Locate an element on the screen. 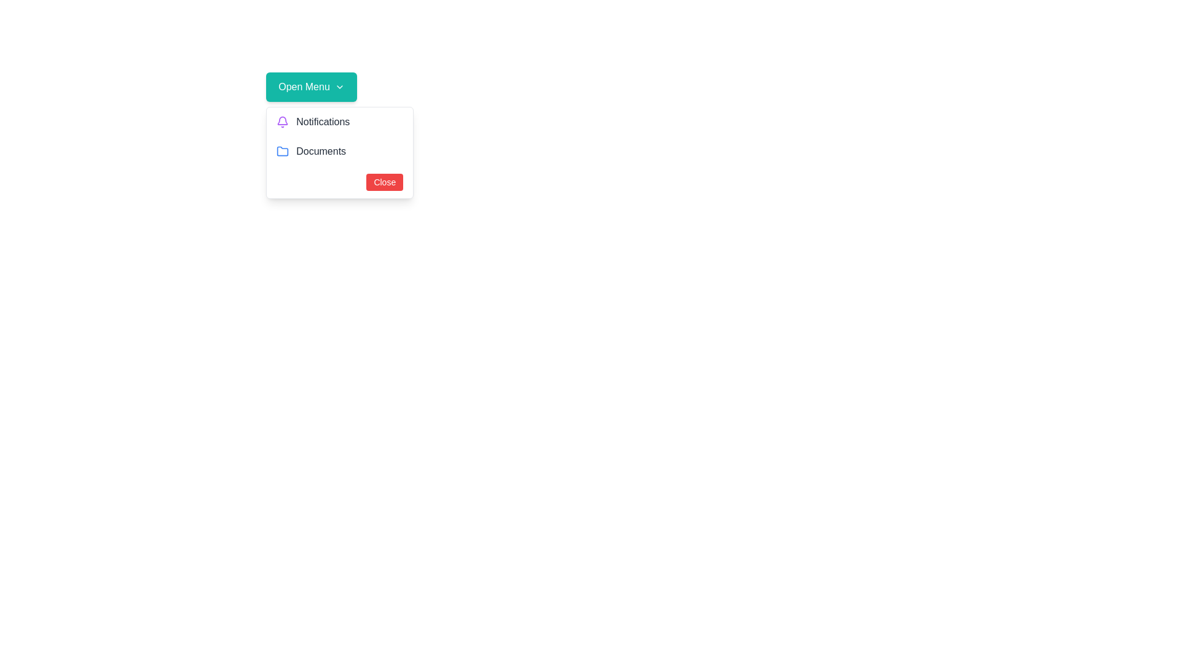  the blue folder icon located next to the 'Documents' label in the menu dropdown is located at coordinates (282, 150).